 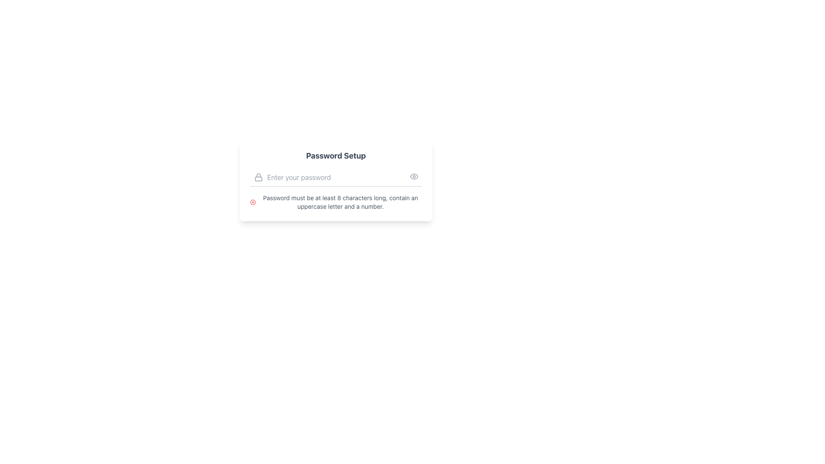 I want to click on the circular red alert icon with a cross 'X' symbol, located directly to the left of the password requirement text, so click(x=252, y=202).